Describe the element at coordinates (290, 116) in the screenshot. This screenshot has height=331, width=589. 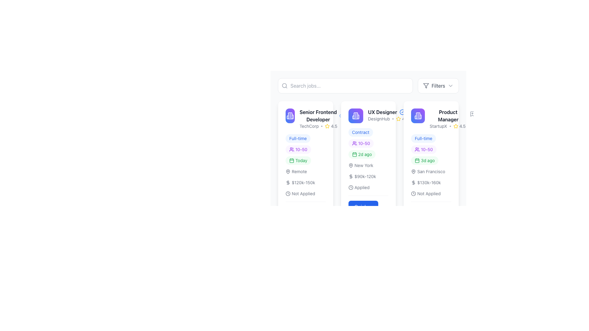
I see `the square icon with a gradient background transitioning from blue to purple, featuring a white building-like symbol in the center, located above the job title 'Senior Frontend Developer'` at that location.